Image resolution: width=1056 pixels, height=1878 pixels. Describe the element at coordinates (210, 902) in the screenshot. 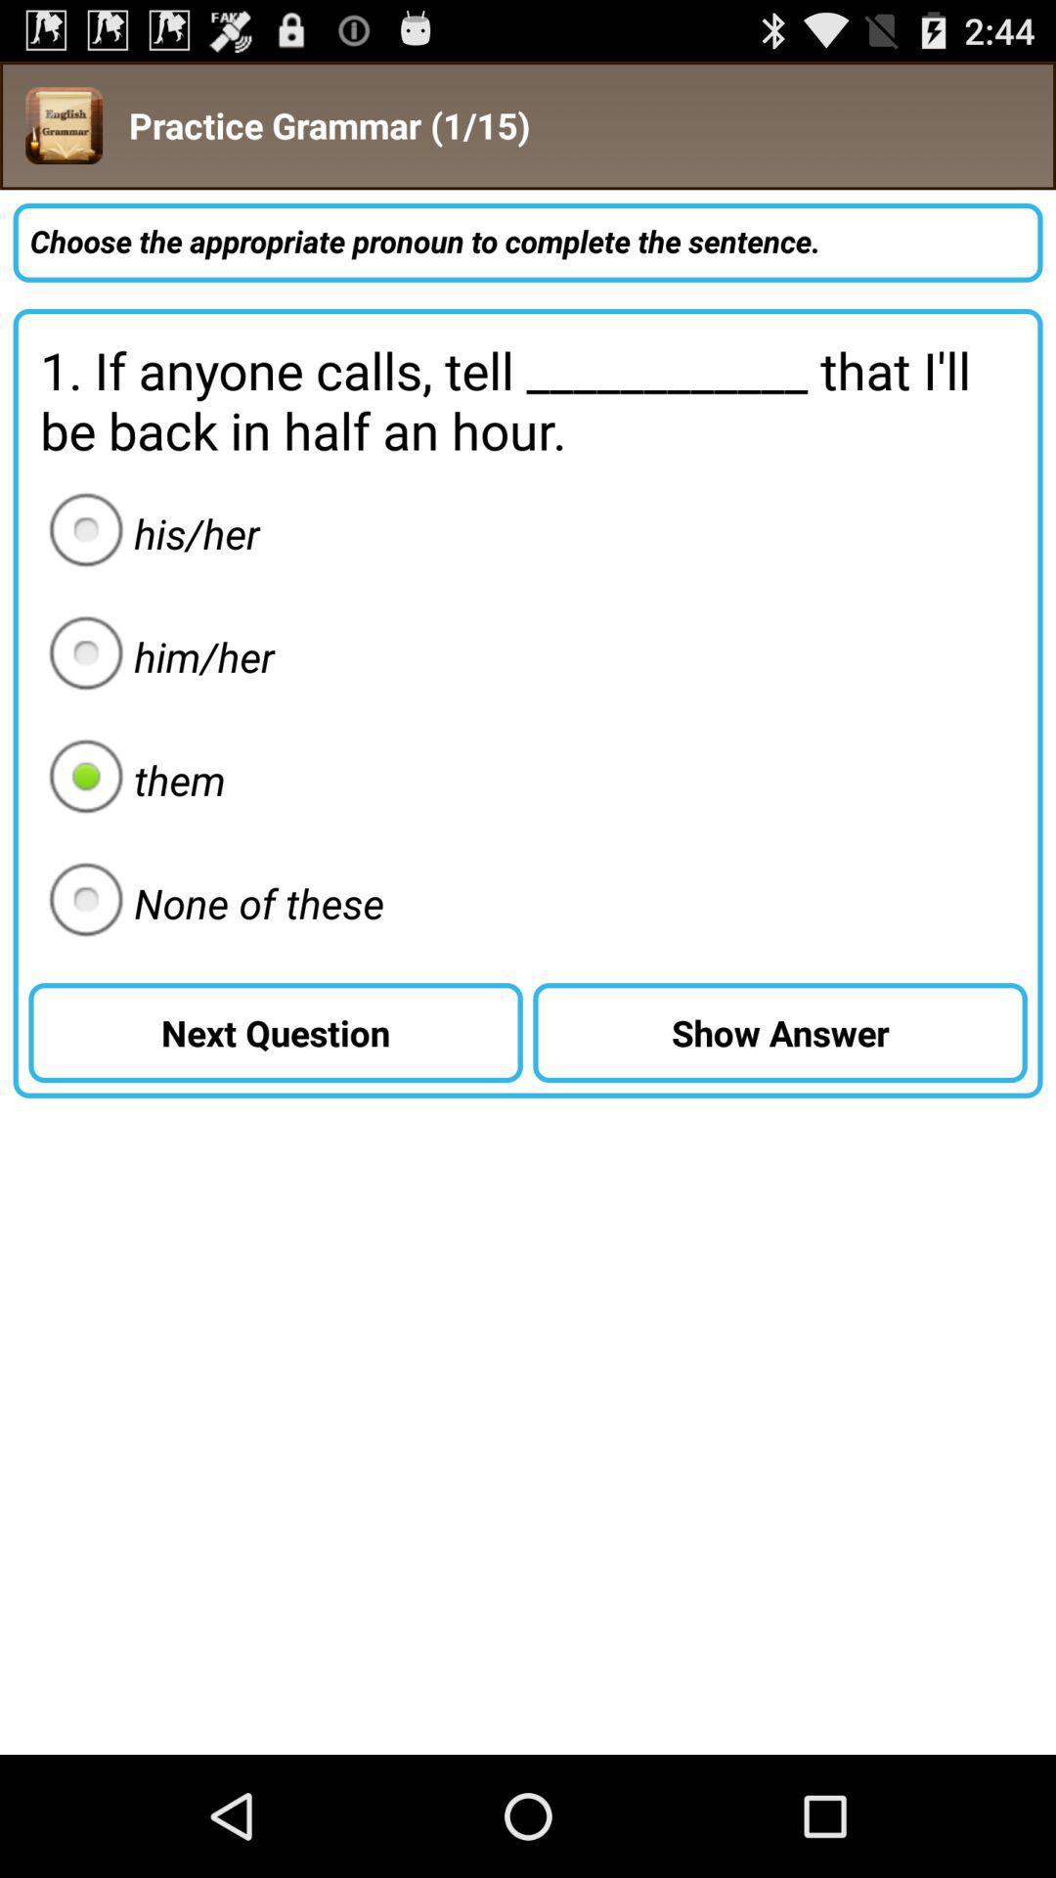

I see `the radio button below them item` at that location.